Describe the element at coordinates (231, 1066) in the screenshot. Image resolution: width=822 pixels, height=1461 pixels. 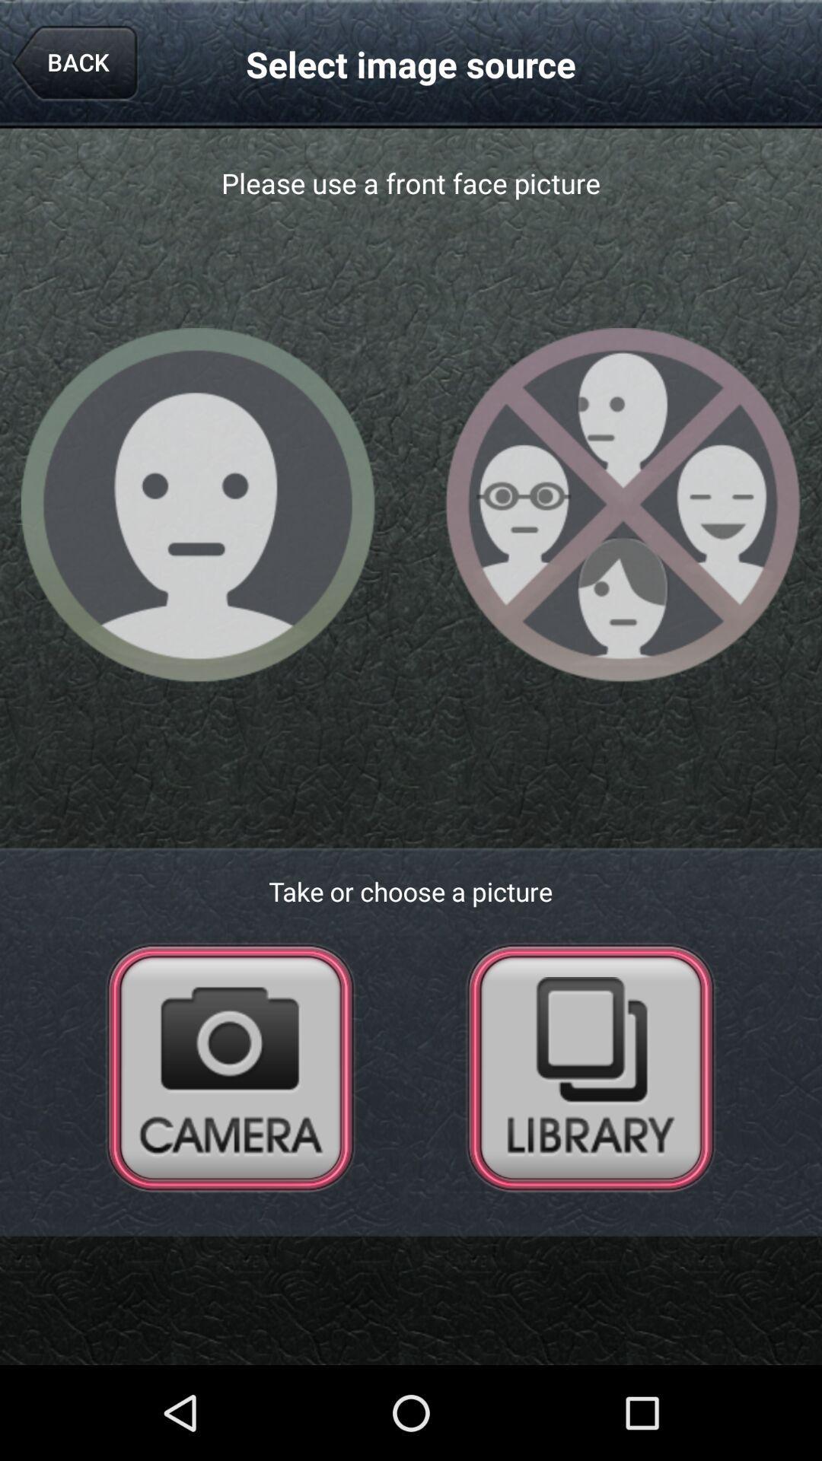
I see `choose camera toggle` at that location.